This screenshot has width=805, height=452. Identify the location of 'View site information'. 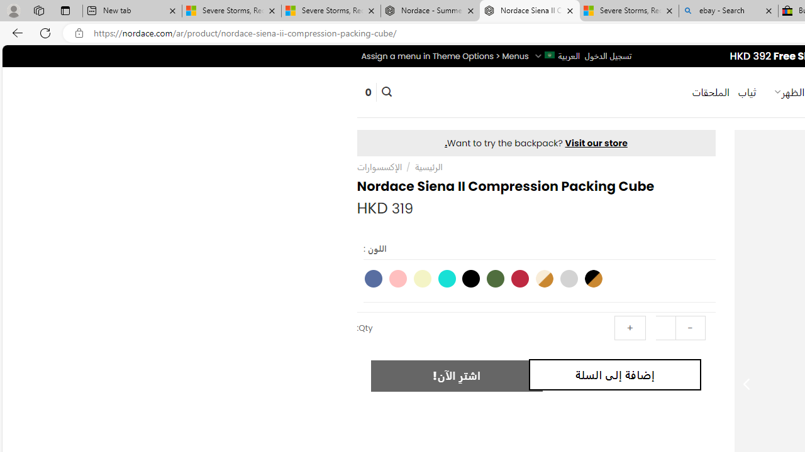
(79, 33).